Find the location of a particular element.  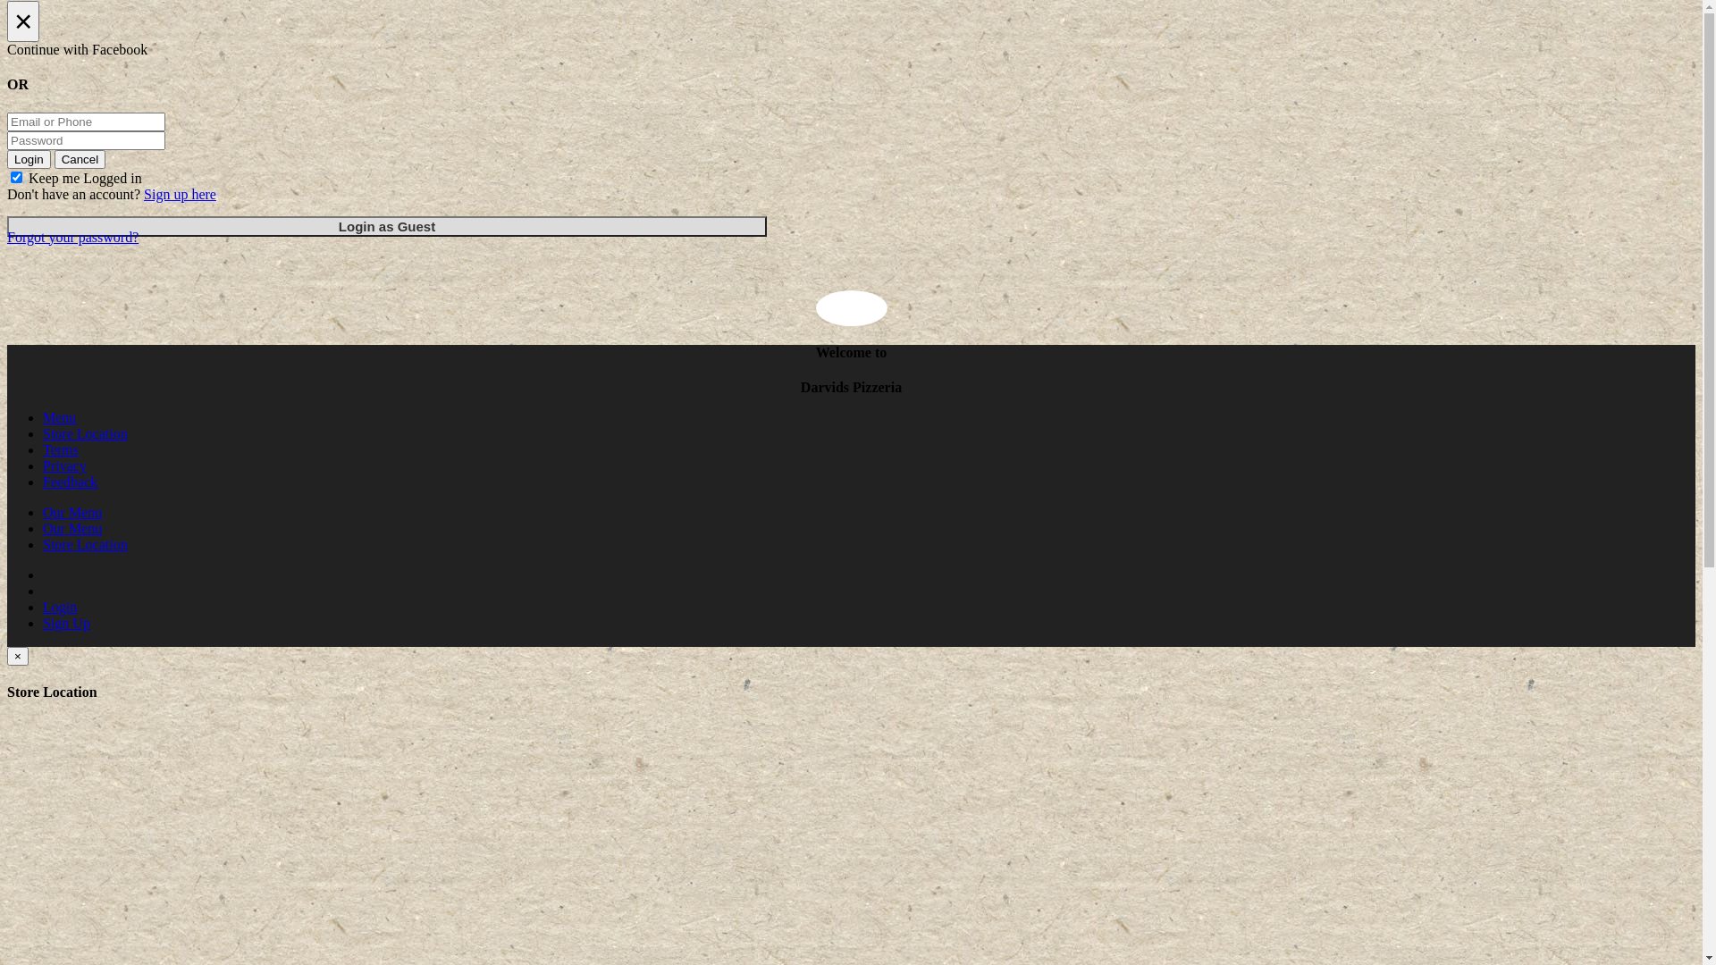

'Privacy' is located at coordinates (64, 465).